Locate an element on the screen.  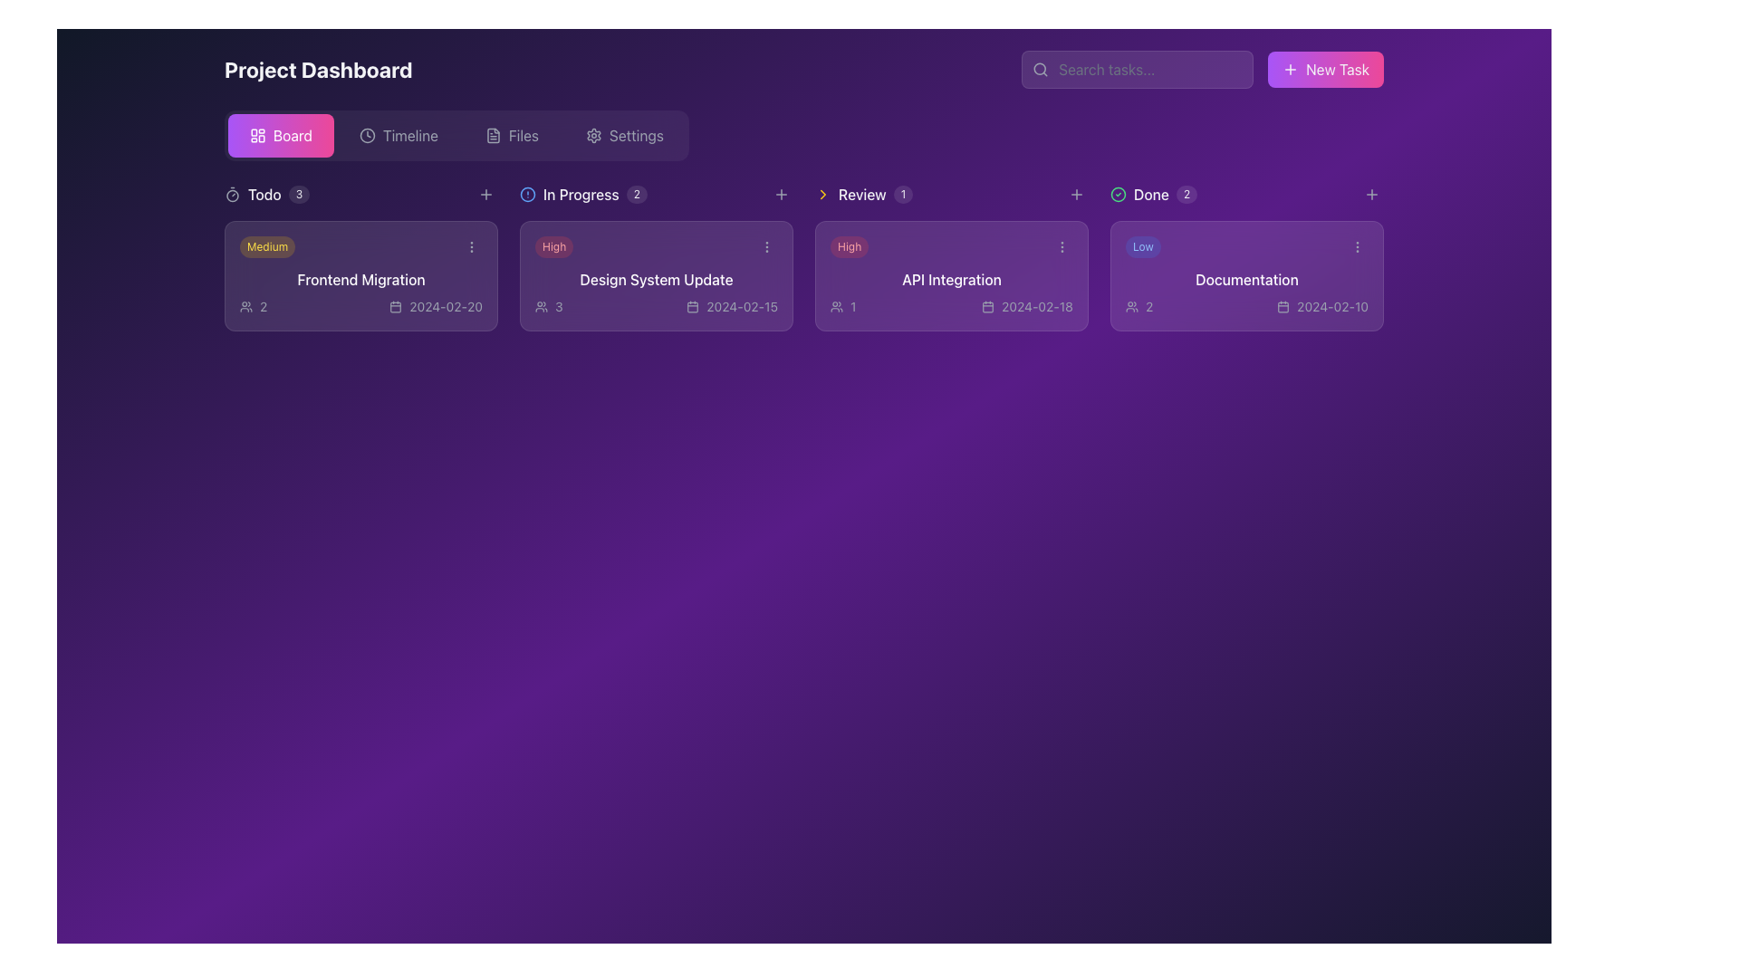
the second '+' button in the 'In Progress' section header is located at coordinates (782, 195).